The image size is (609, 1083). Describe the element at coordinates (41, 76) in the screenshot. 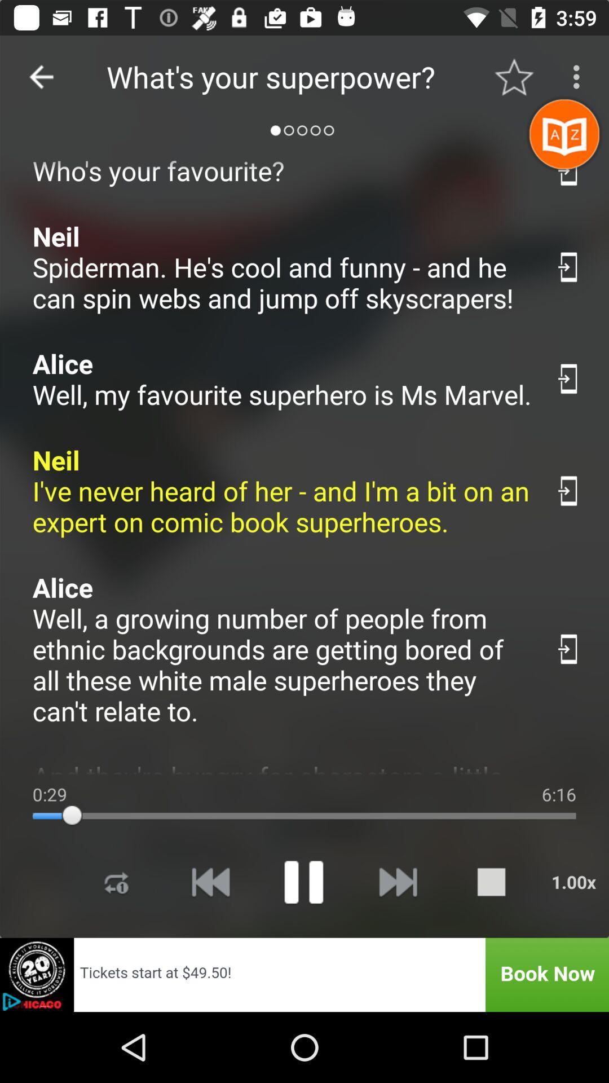

I see `previous` at that location.